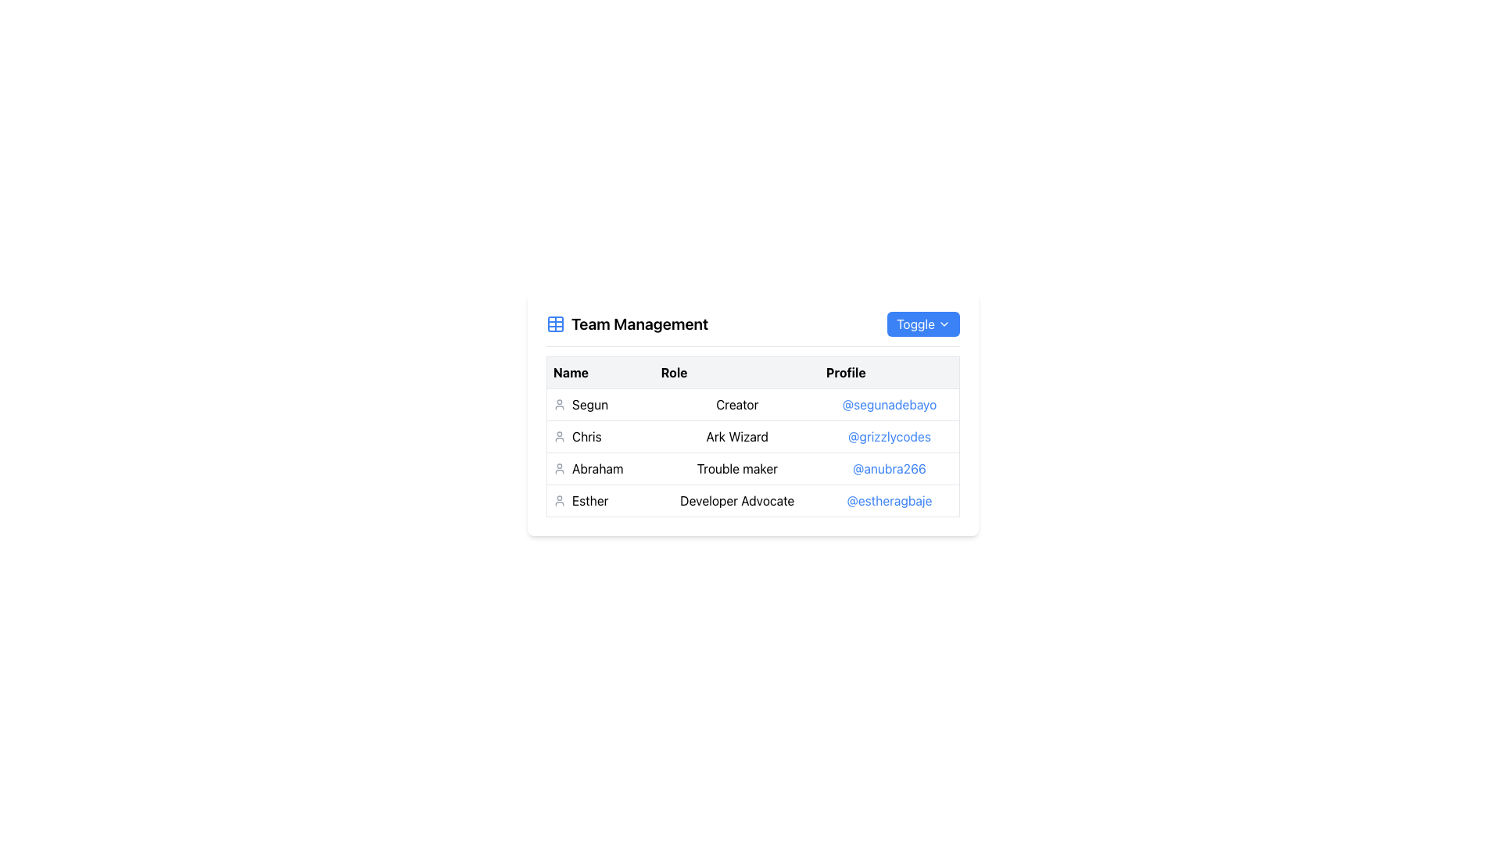  What do you see at coordinates (890, 437) in the screenshot?
I see `the interactive hyperlink for the profile '@grizzlycodes', located in the third column under 'Profile' in the second row of the table, adjacent to 'Ark Wizard'` at bounding box center [890, 437].